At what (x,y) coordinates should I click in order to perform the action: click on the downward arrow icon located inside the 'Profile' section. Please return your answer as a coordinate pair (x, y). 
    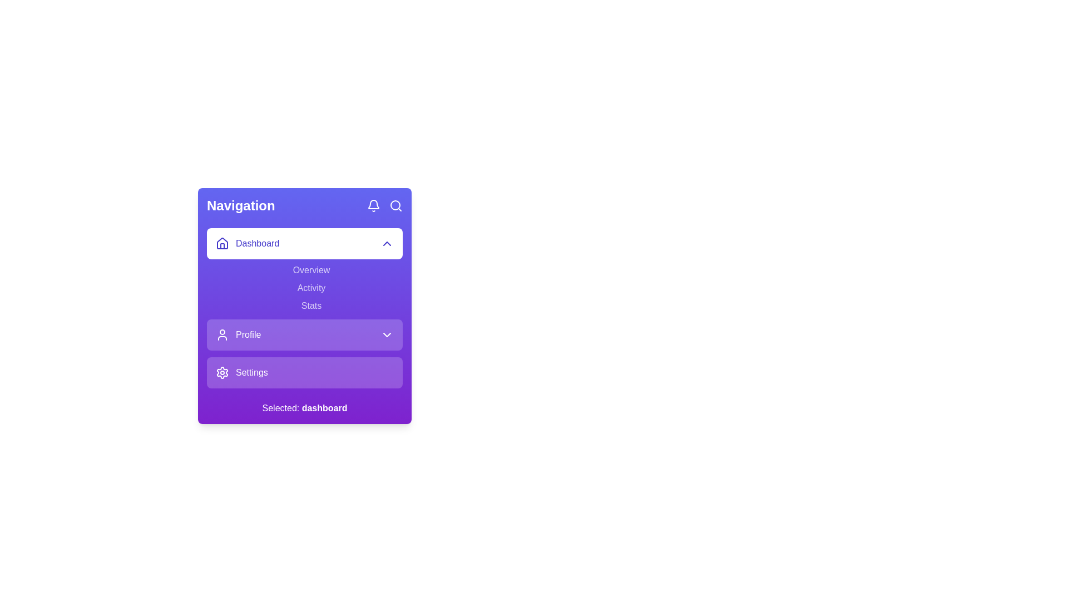
    Looking at the image, I should click on (387, 334).